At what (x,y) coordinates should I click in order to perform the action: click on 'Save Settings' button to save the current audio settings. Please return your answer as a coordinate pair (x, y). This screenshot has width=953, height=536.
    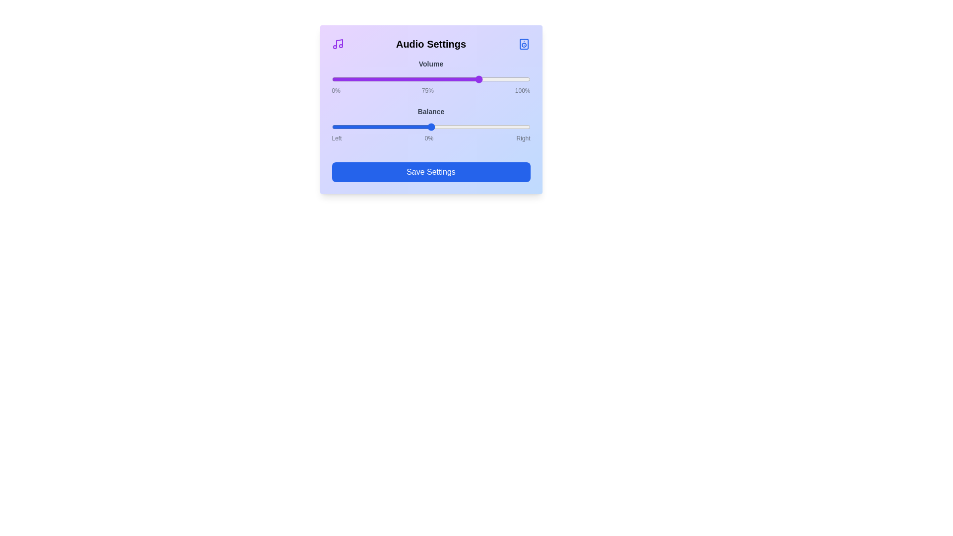
    Looking at the image, I should click on (431, 172).